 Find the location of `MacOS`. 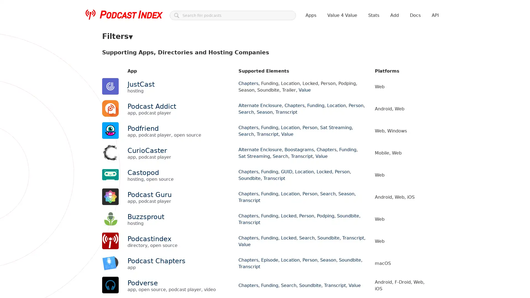

MacOS is located at coordinates (342, 113).